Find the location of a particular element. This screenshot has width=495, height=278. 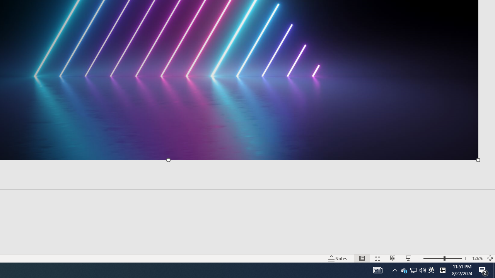

'Zoom 126%' is located at coordinates (477, 258).